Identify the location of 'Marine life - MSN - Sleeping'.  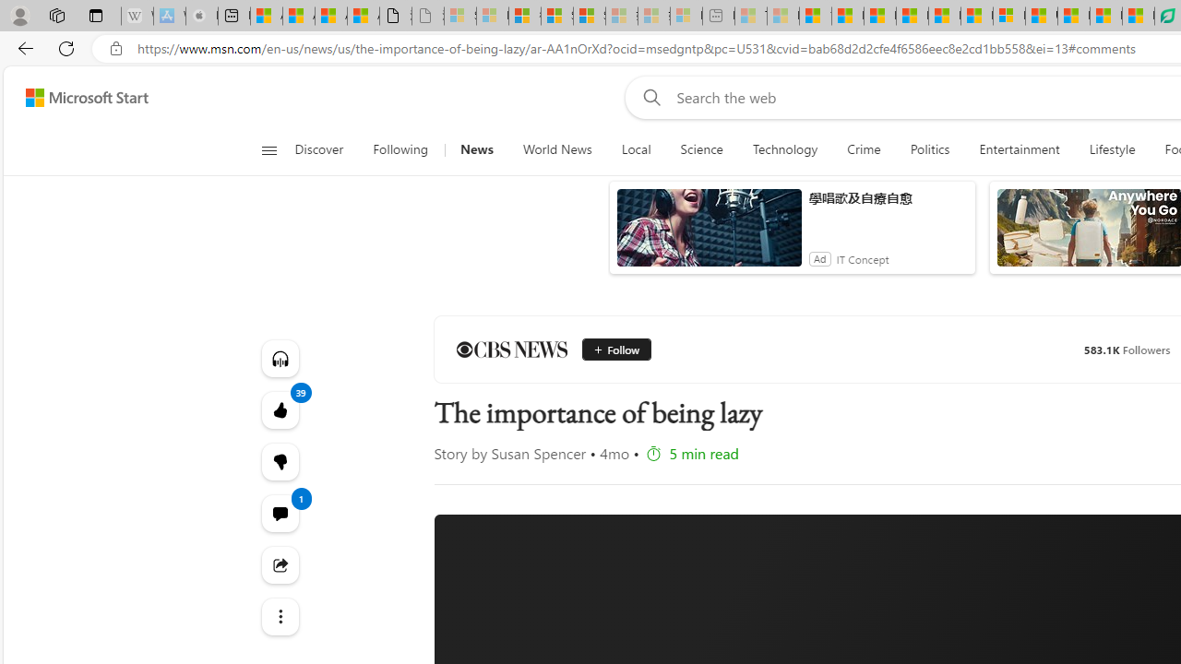
(783, 16).